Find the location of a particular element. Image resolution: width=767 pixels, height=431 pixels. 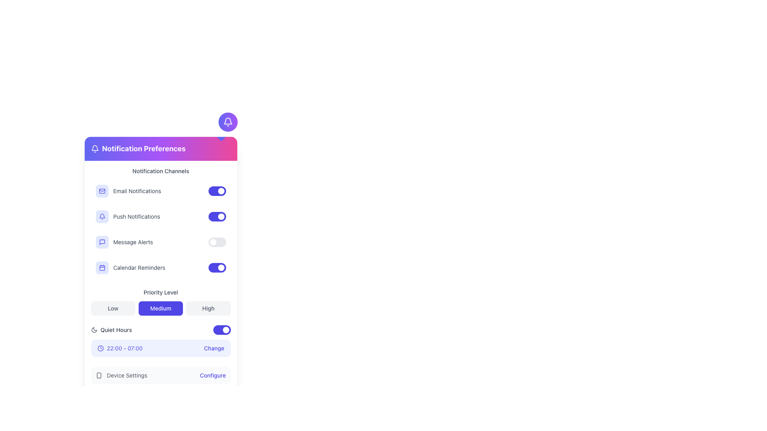

the blue rectangular vector graphic component next to the 'Email Notifications' label in the 'Notification Channels' section is located at coordinates (101, 191).